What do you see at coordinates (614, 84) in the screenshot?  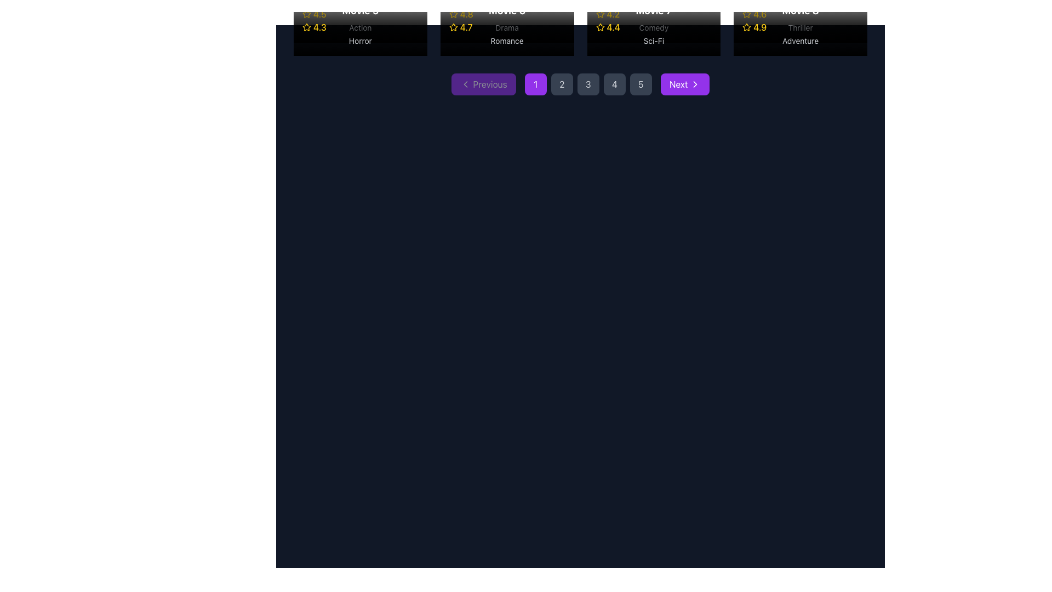 I see `the fourth navigation button, which is part of a row of five buttons at the center top of the lower section of the page` at bounding box center [614, 84].